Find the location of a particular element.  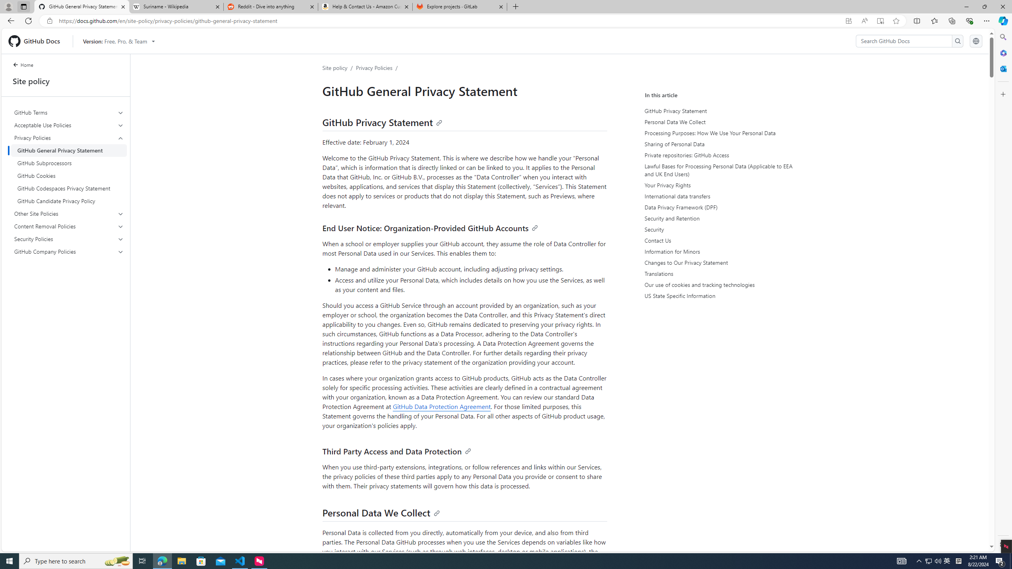

'Suriname - Wikipedia' is located at coordinates (176, 6).